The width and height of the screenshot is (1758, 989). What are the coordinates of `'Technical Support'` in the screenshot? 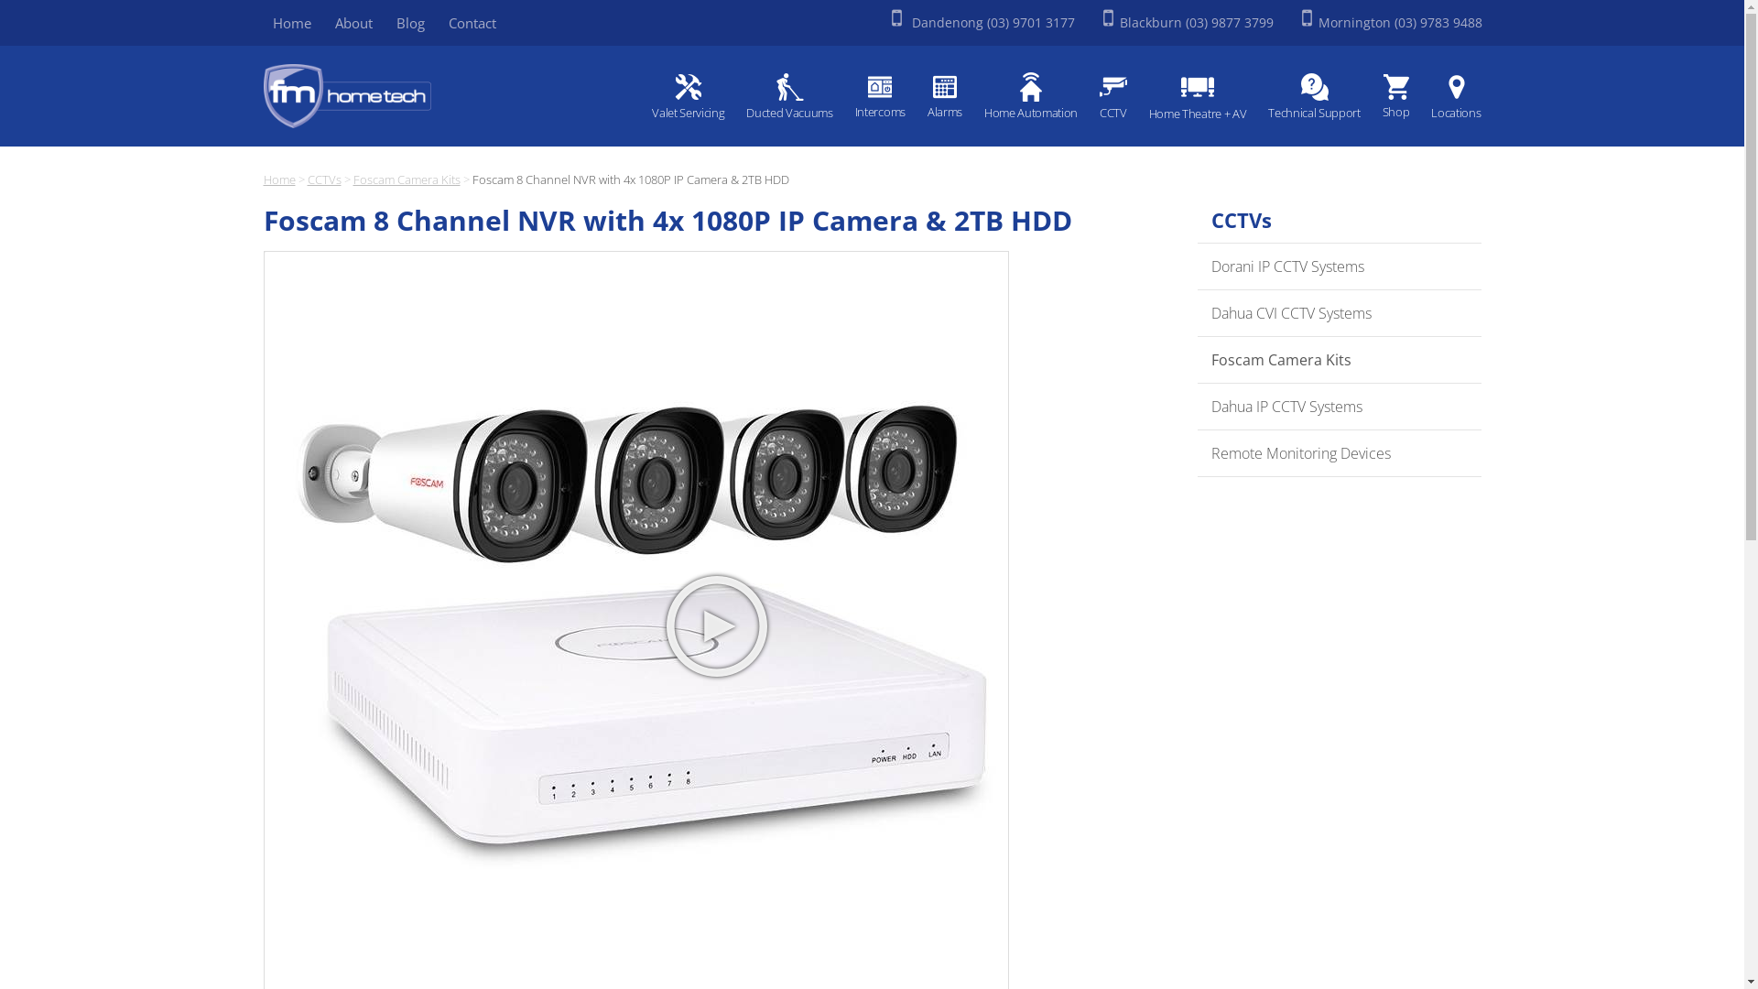 It's located at (1313, 98).